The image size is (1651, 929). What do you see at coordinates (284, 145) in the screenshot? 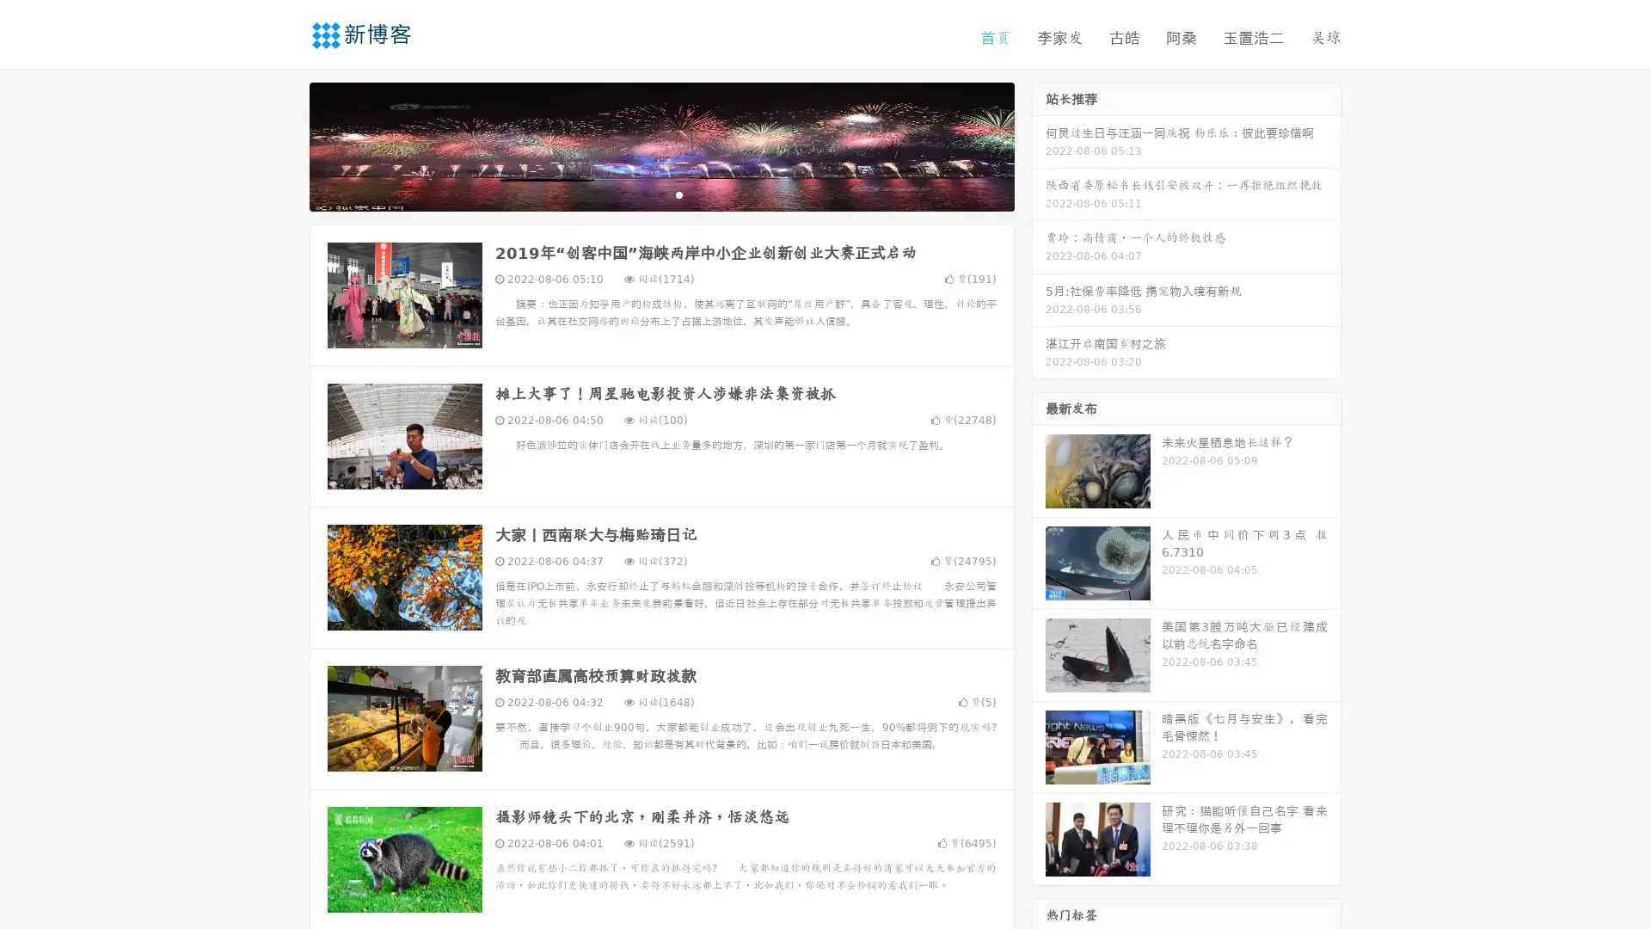
I see `Previous slide` at bounding box center [284, 145].